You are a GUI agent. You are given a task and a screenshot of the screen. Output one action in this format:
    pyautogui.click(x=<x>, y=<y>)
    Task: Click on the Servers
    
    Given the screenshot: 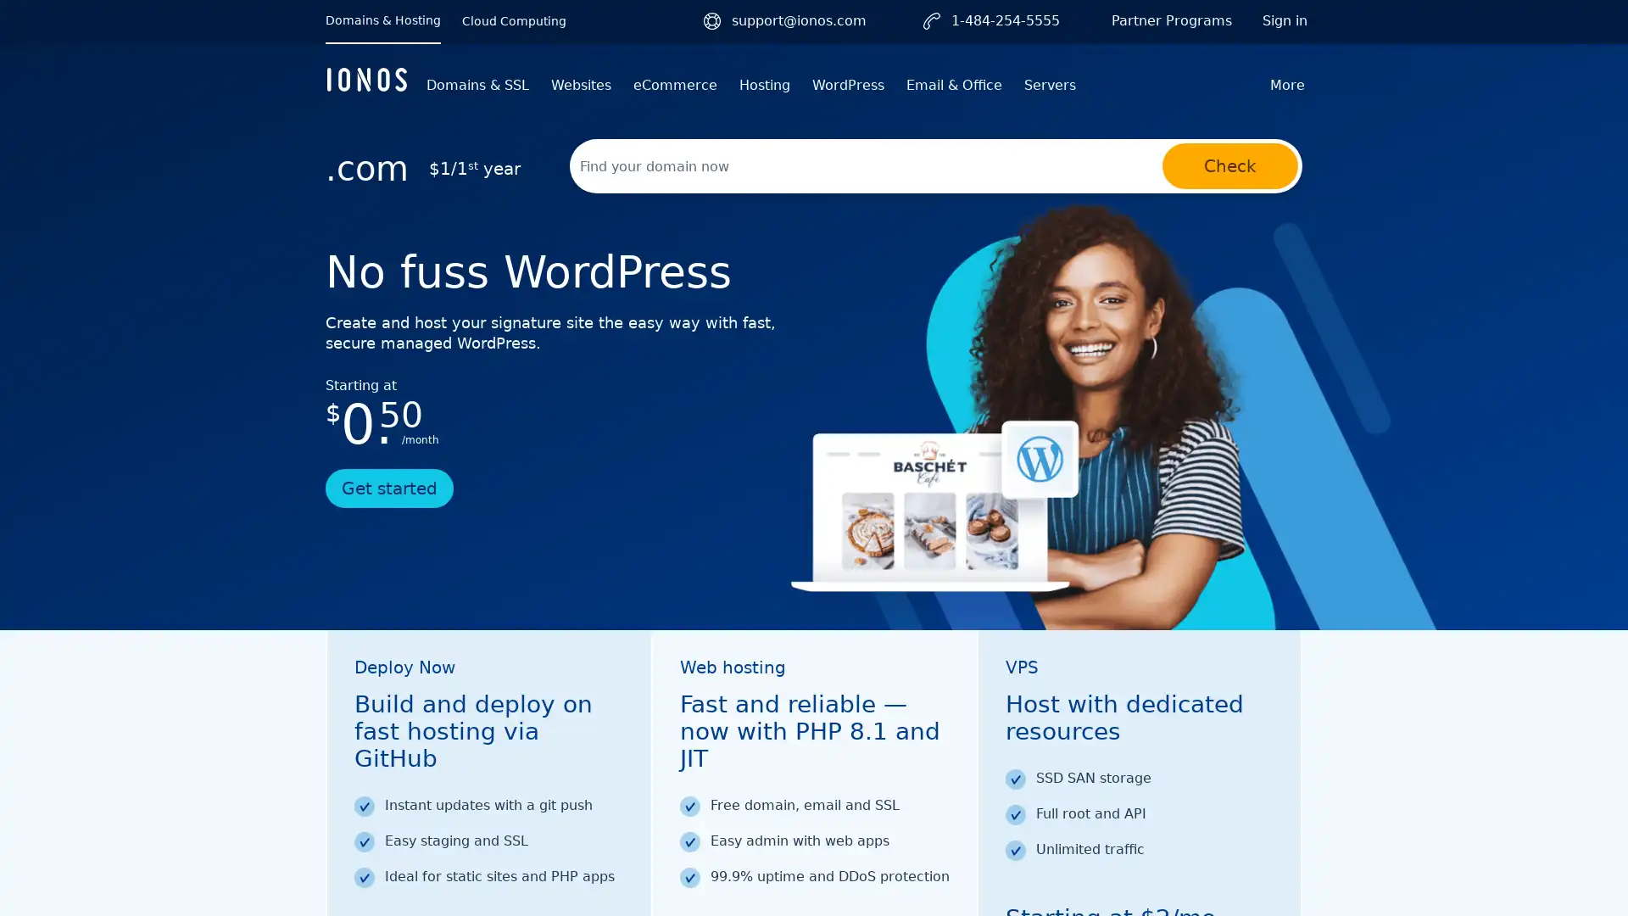 What is the action you would take?
    pyautogui.click(x=1025, y=85)
    